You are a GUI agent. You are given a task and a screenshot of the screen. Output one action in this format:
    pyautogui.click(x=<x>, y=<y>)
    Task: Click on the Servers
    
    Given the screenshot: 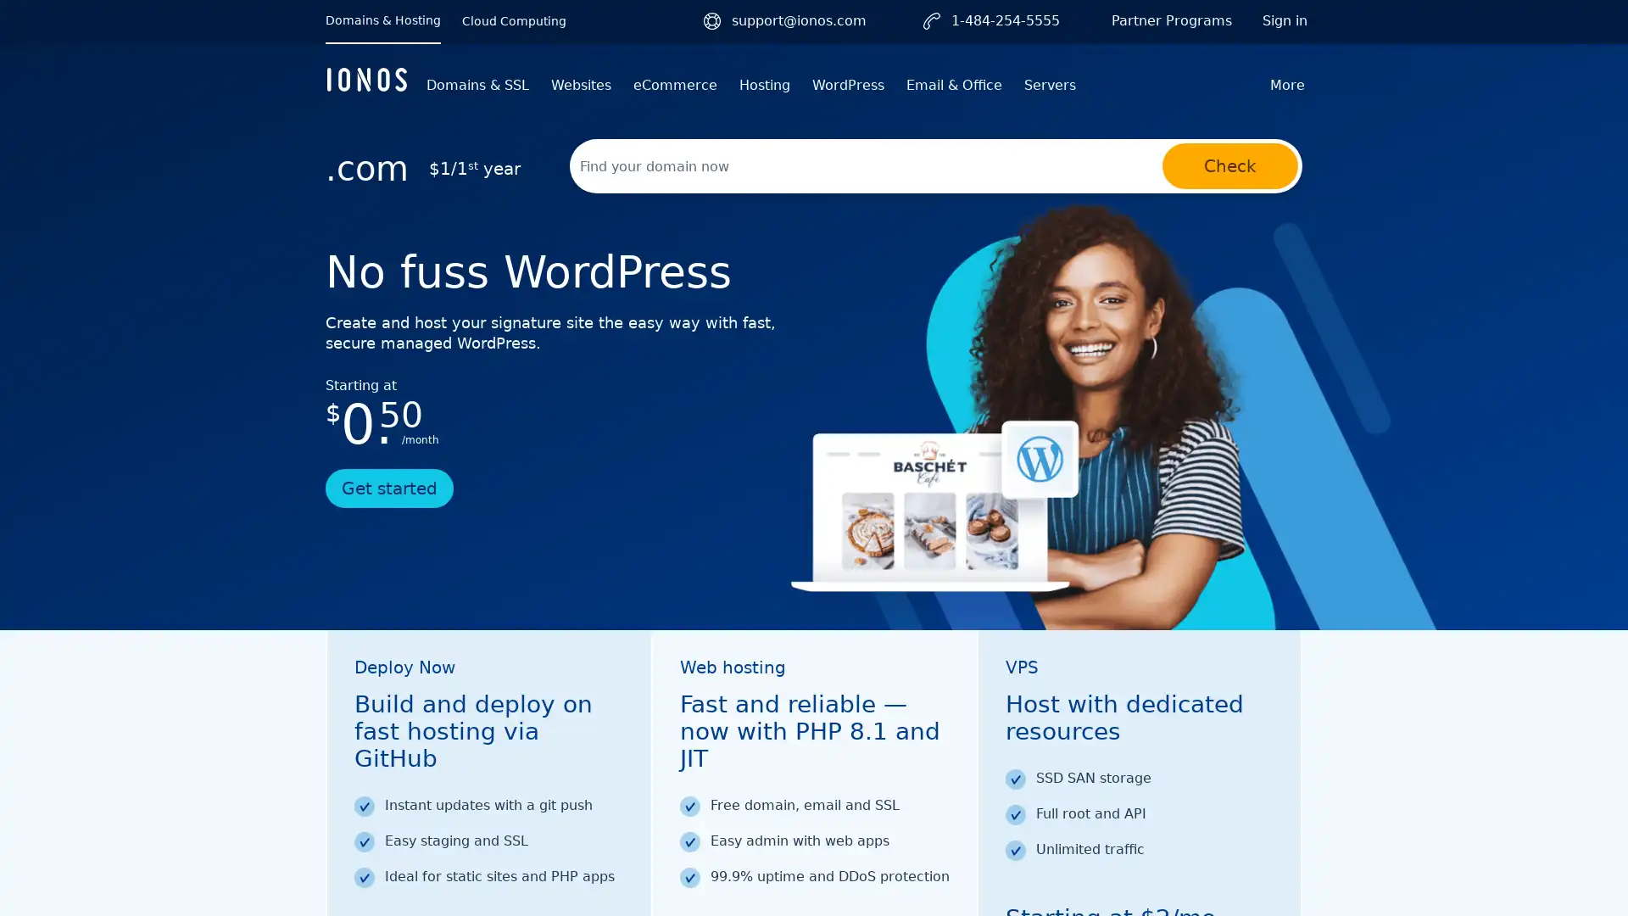 What is the action you would take?
    pyautogui.click(x=1025, y=85)
    